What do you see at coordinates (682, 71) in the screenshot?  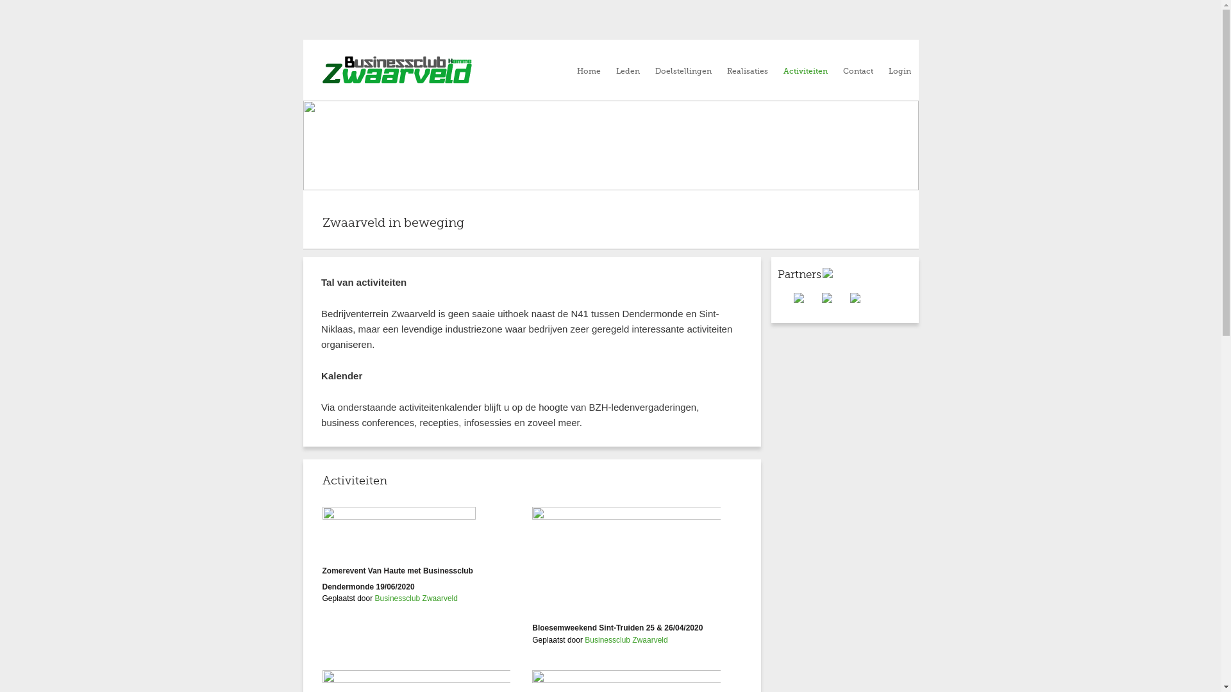 I see `'Doelstellingen'` at bounding box center [682, 71].